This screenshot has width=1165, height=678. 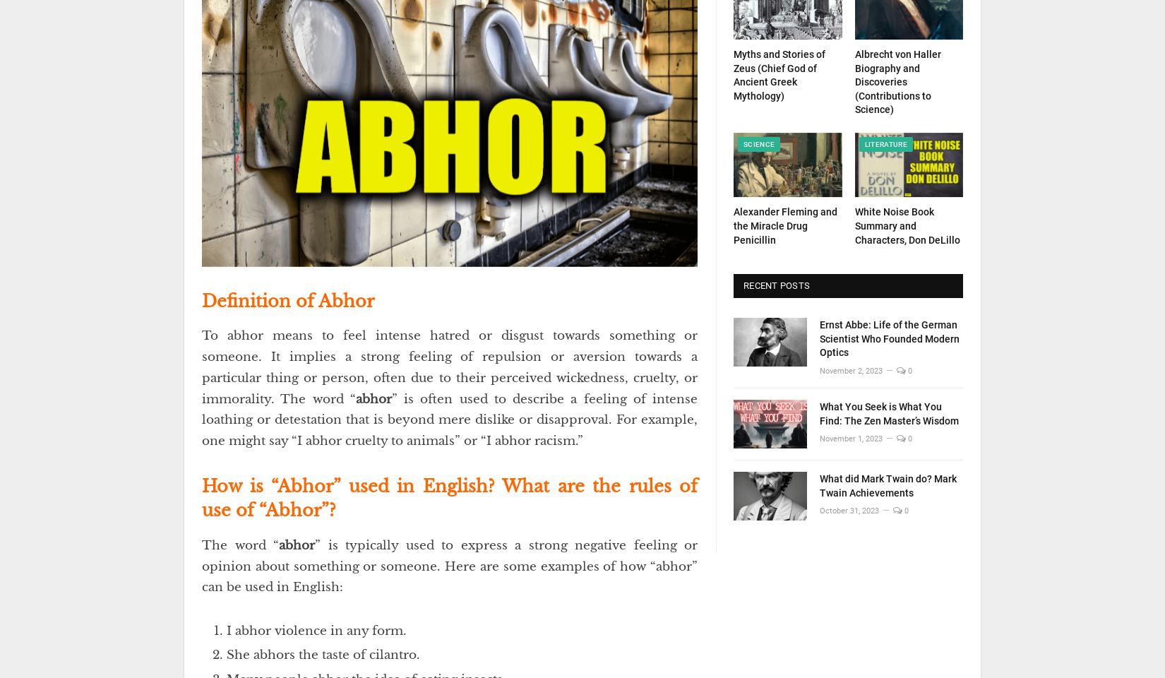 I want to click on 'Science', so click(x=758, y=143).